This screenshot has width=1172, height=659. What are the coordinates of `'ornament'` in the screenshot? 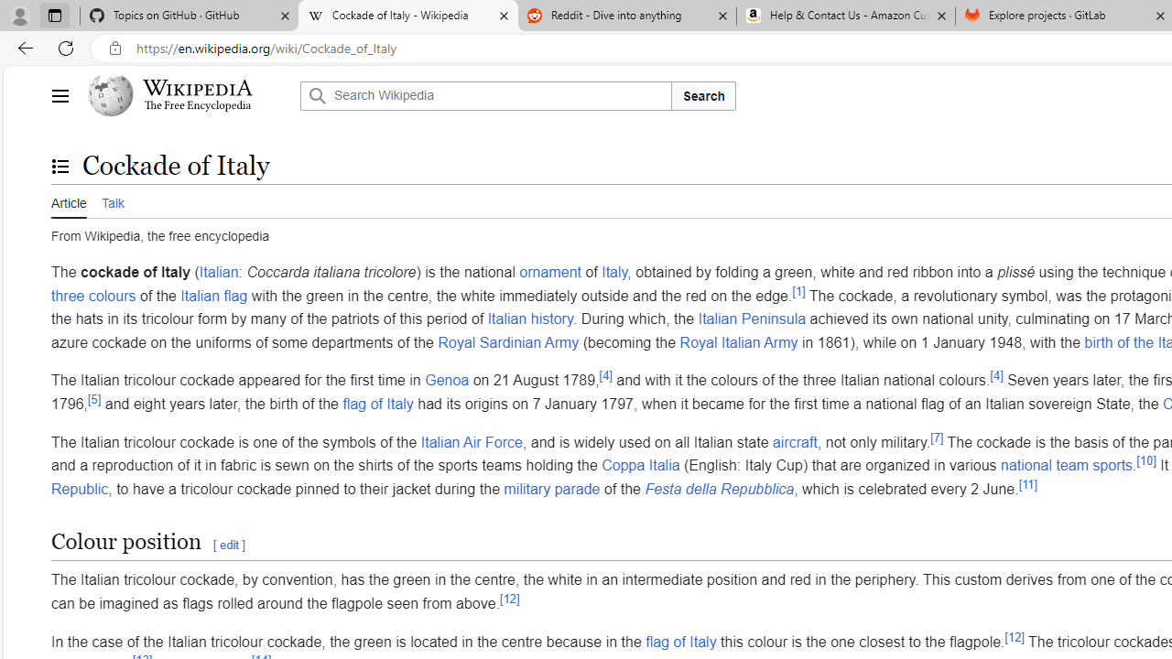 It's located at (548, 272).